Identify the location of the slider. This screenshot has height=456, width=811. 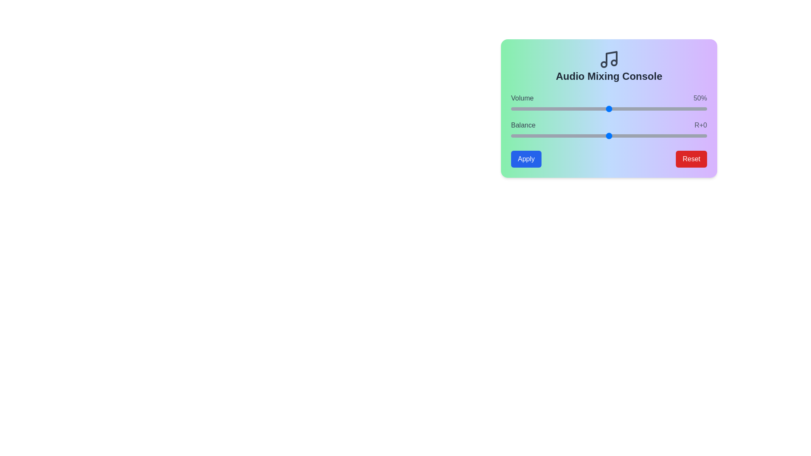
(558, 109).